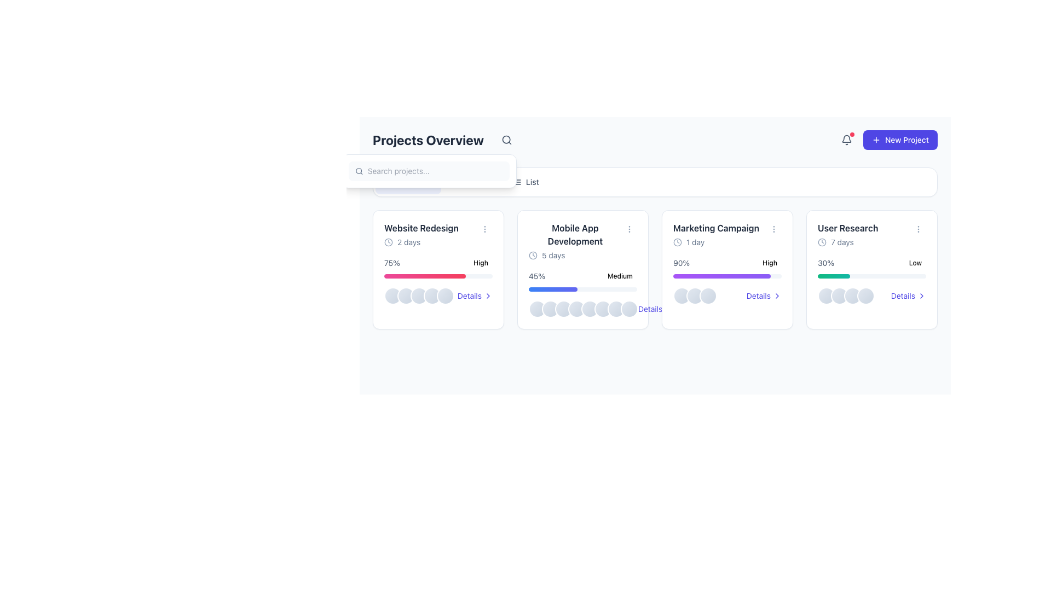  What do you see at coordinates (582, 270) in the screenshot?
I see `the Static information card displaying project information, which is the second card in a row of four cards under 'Projects Overview'` at bounding box center [582, 270].